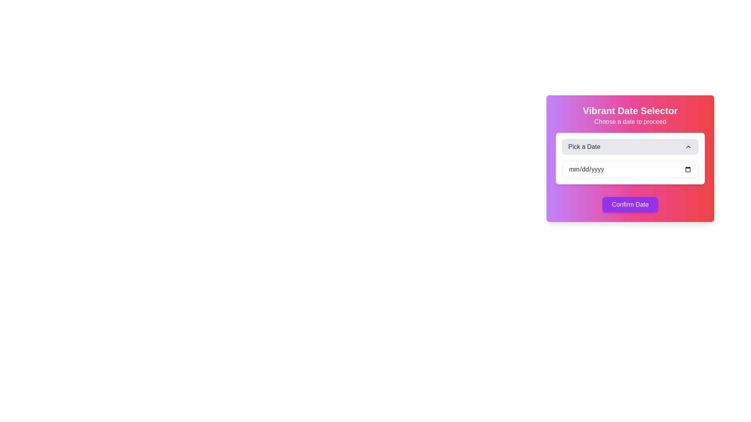 The width and height of the screenshot is (751, 422). I want to click on the upward-pointing chevron icon button located at the rightmost end of the 'Pick a Date' selection interface, so click(688, 147).